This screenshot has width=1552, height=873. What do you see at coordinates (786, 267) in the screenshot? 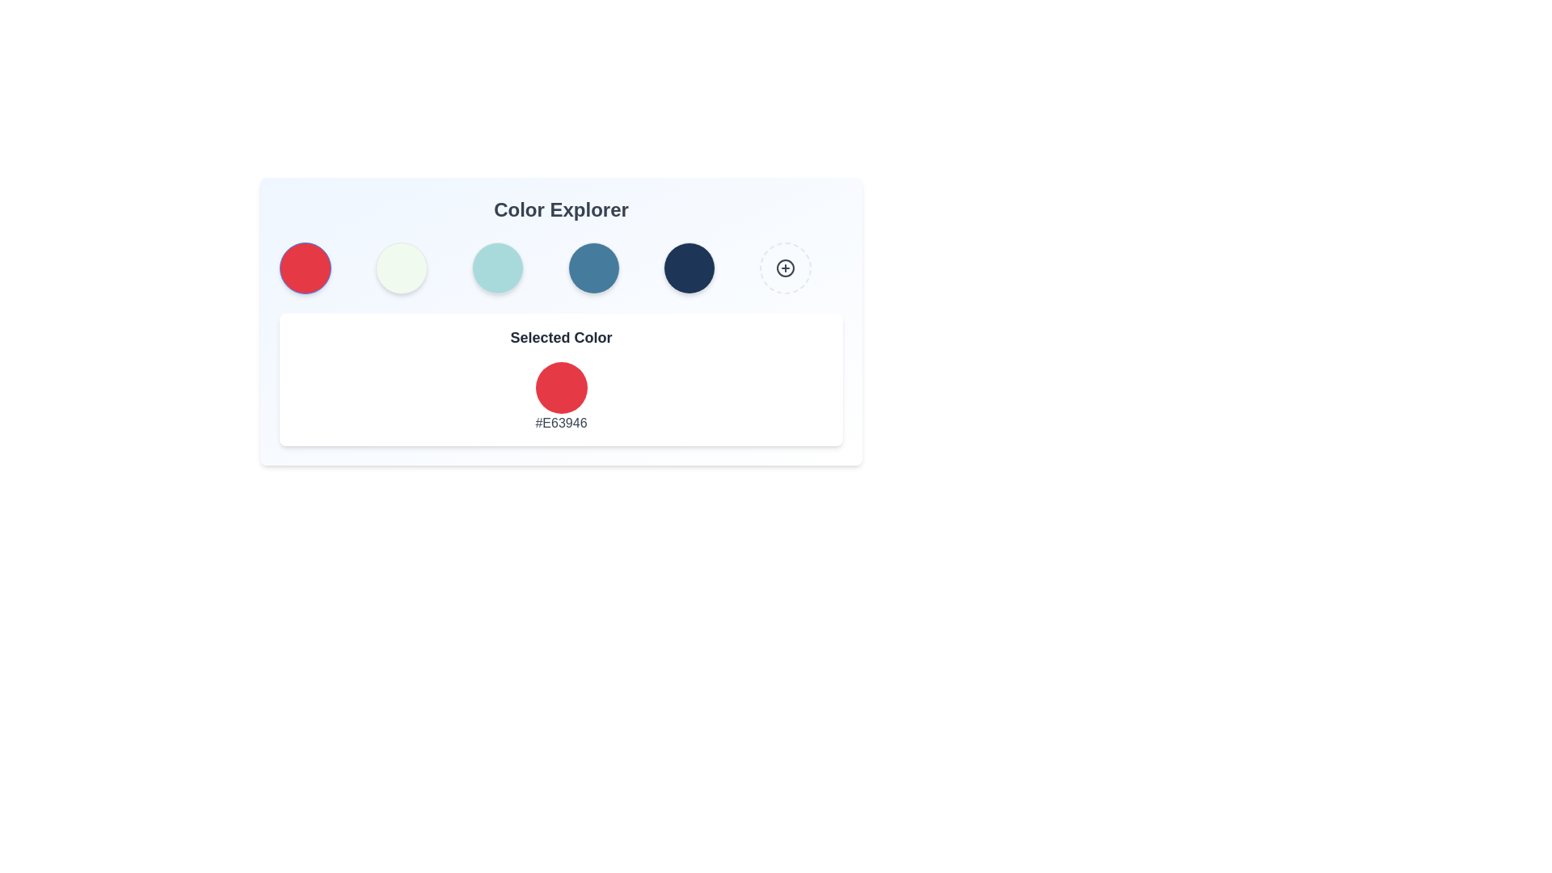
I see `the circular button with a dashed border and a plus sign at its center, which is the sixth item in a horizontal grid of circular elements` at bounding box center [786, 267].